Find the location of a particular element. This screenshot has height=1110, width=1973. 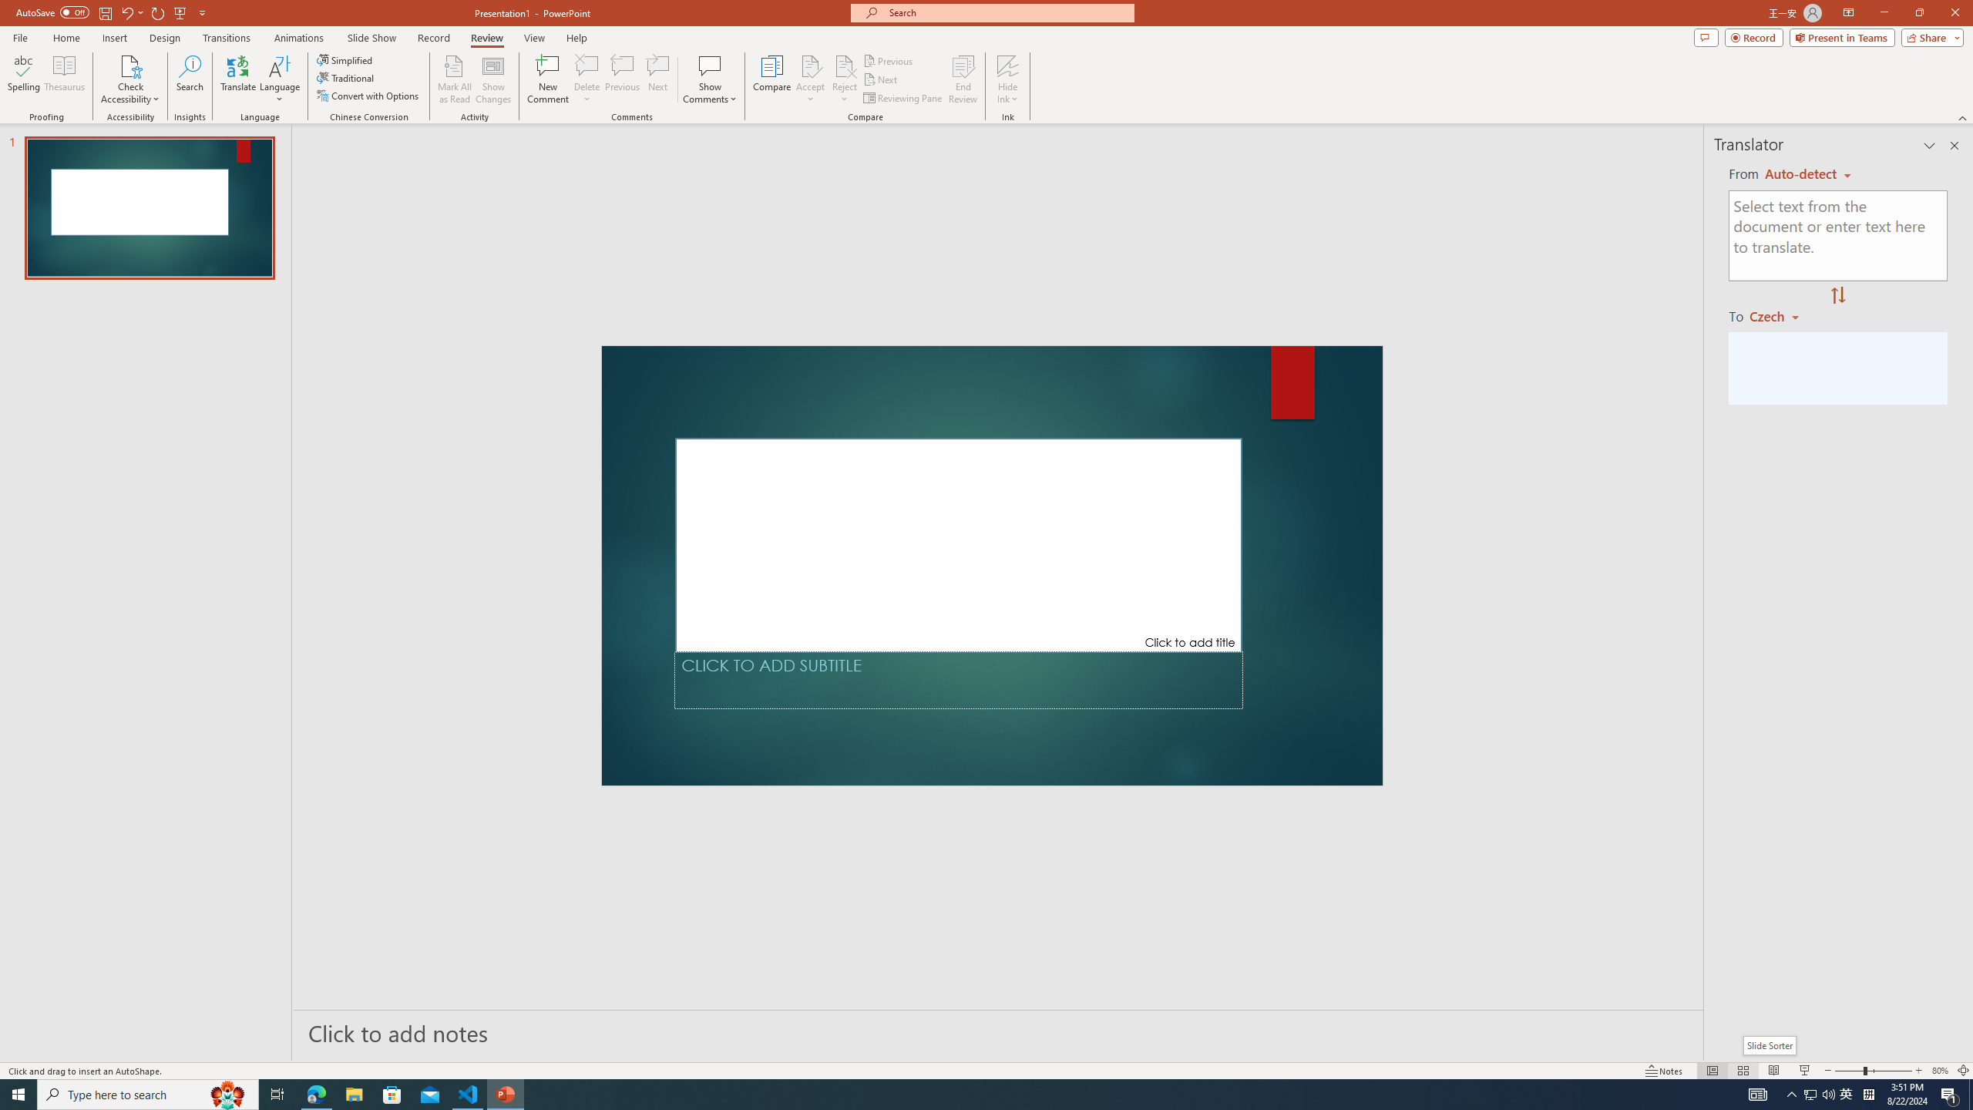

'Hide Ink' is located at coordinates (1008, 65).